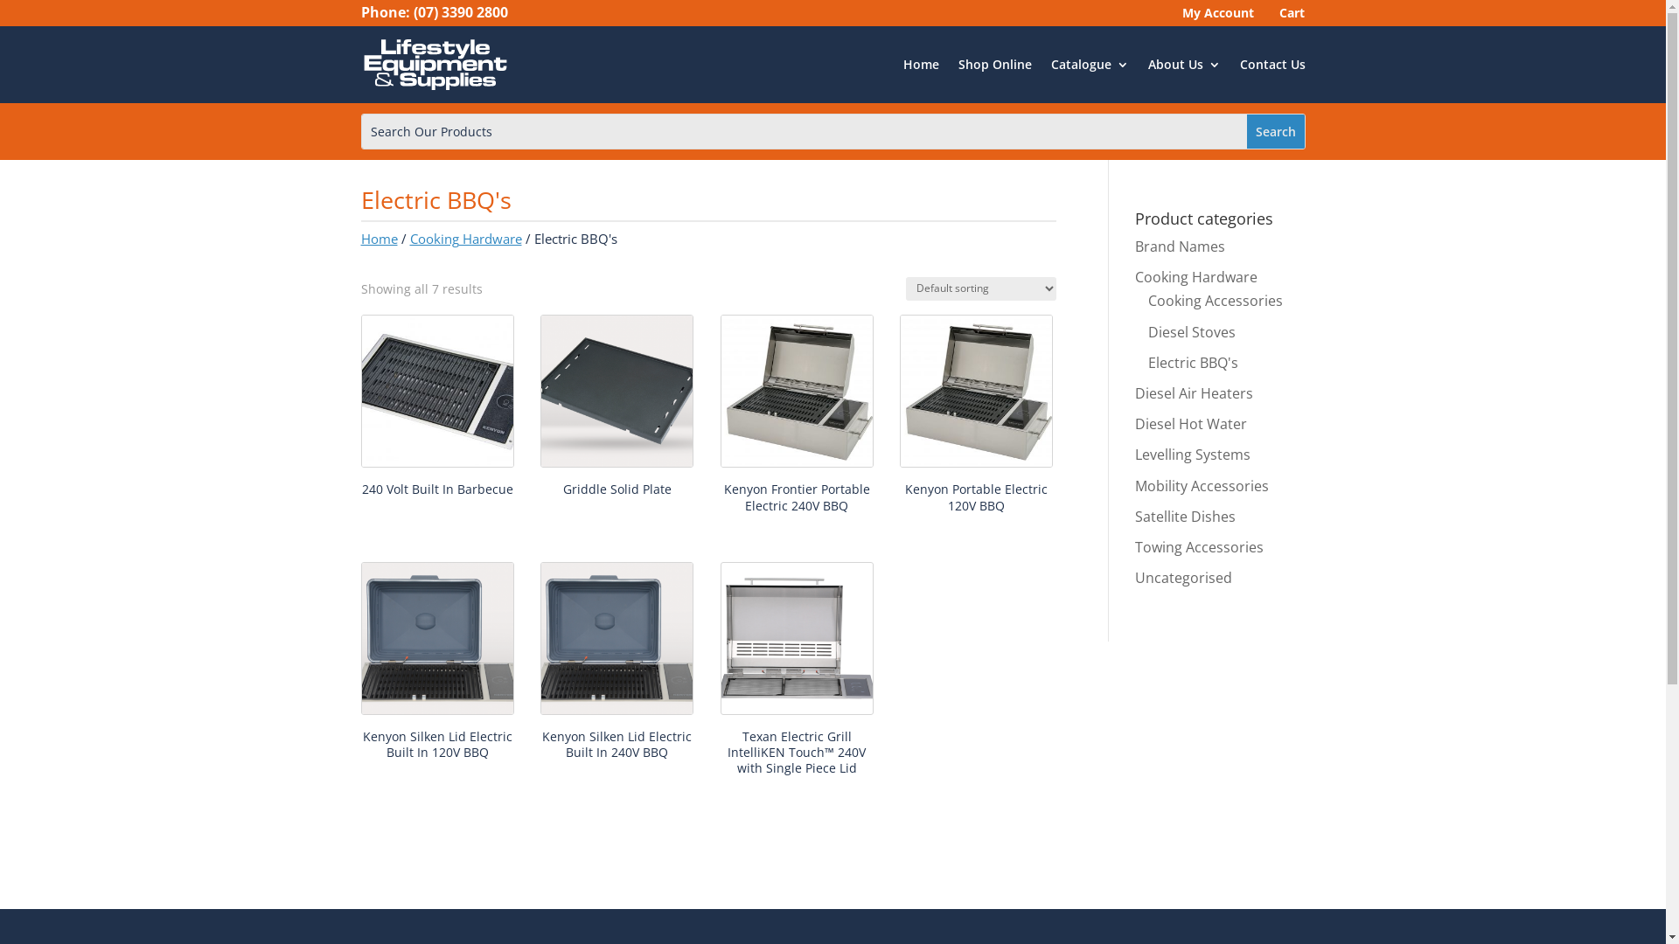  Describe the element at coordinates (1191, 454) in the screenshot. I see `'Levelling Systems'` at that location.